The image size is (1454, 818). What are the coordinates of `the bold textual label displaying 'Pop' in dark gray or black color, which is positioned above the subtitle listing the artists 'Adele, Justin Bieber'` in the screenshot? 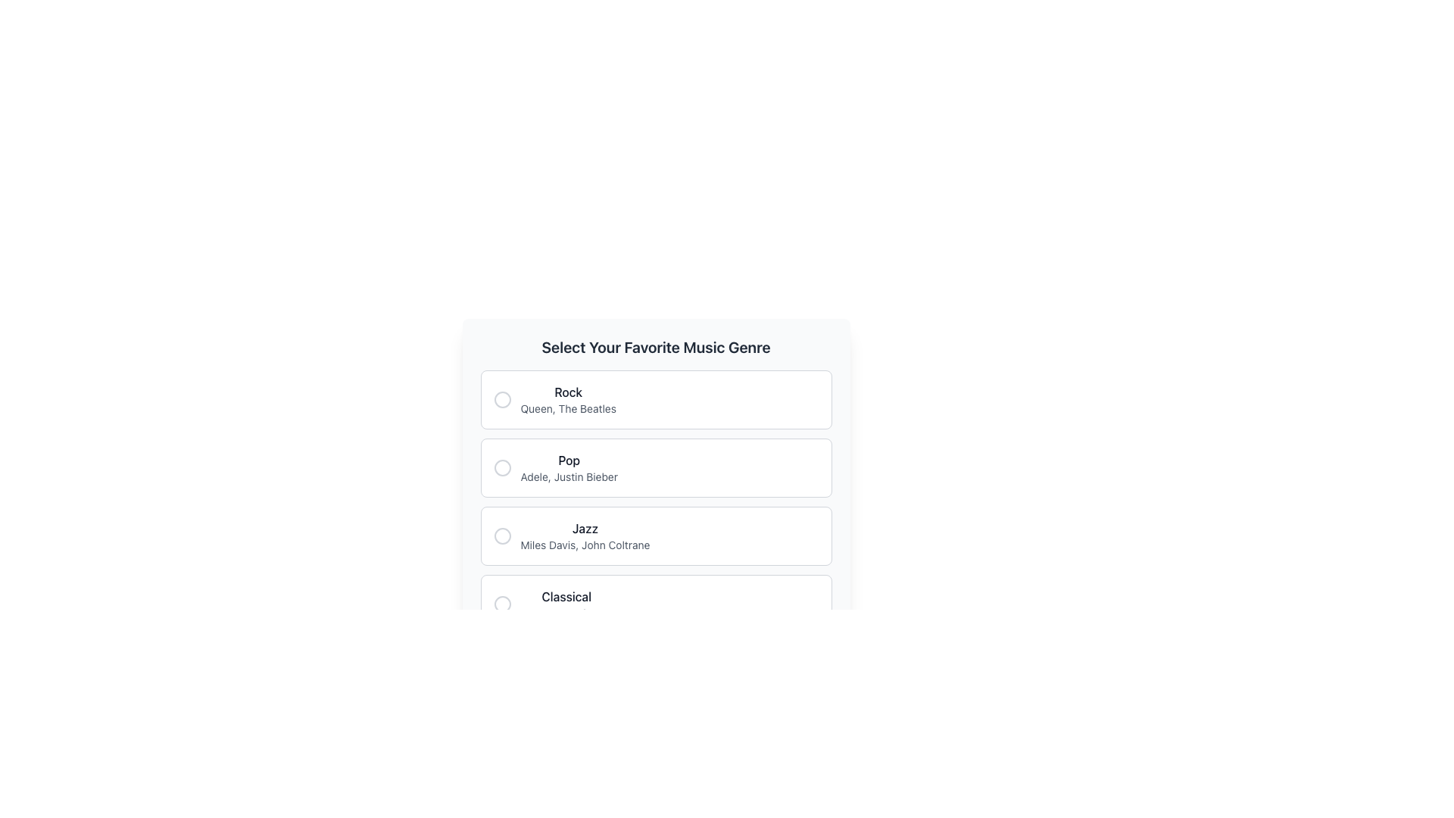 It's located at (568, 460).